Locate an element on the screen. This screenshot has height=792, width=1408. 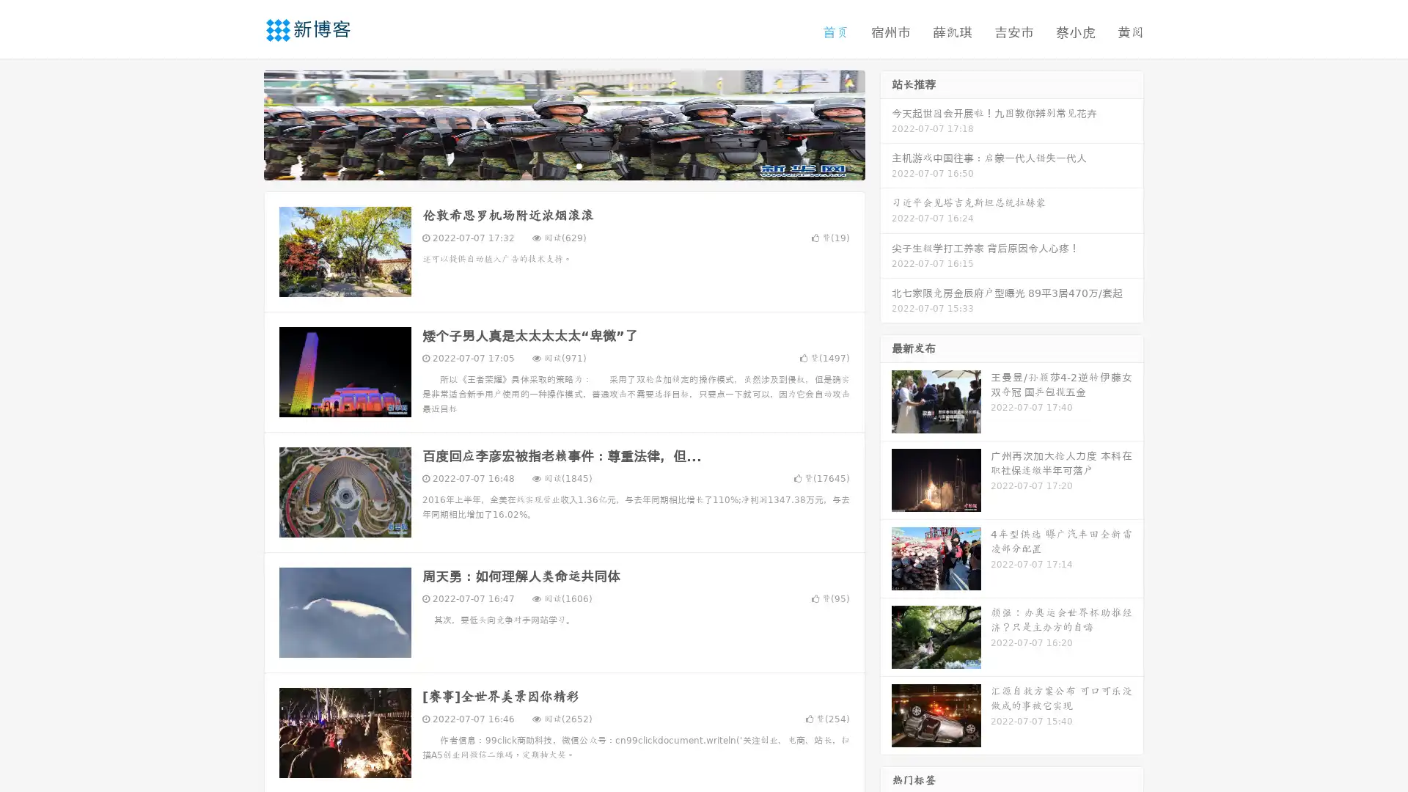
Go to slide 3 is located at coordinates (579, 165).